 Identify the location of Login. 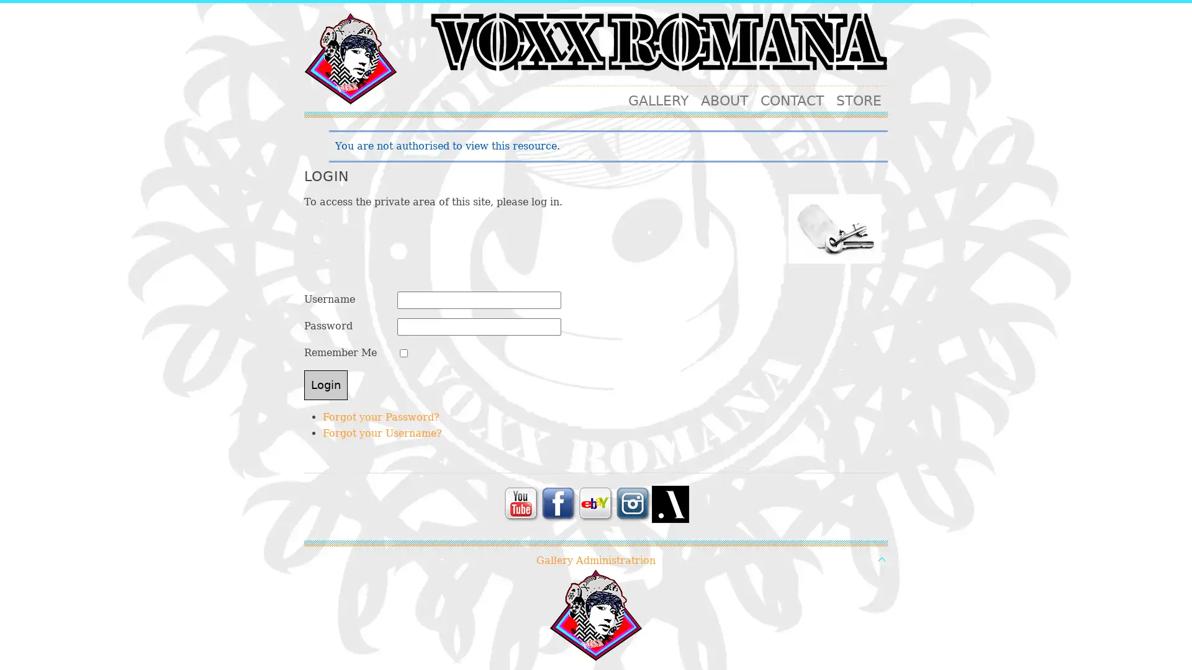
(325, 385).